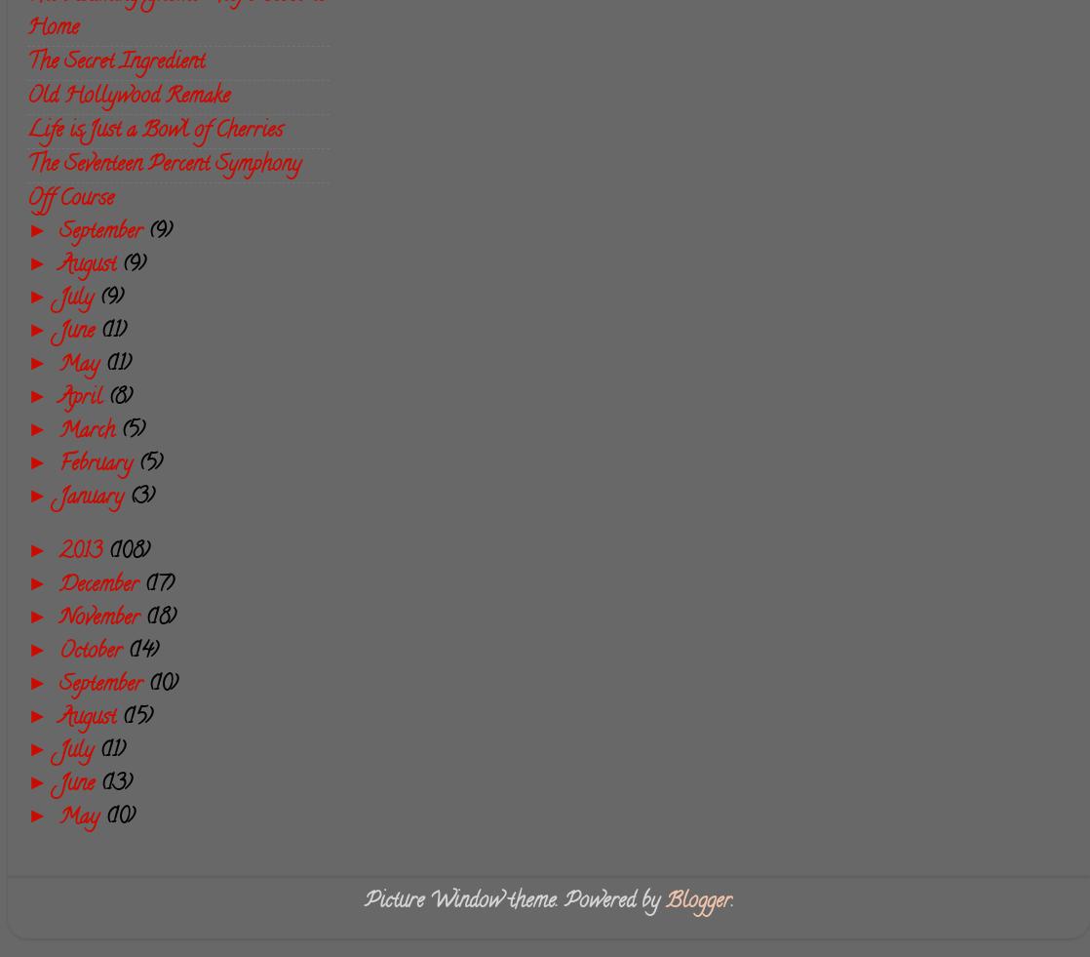 The image size is (1090, 957). I want to click on 'October', so click(59, 651).